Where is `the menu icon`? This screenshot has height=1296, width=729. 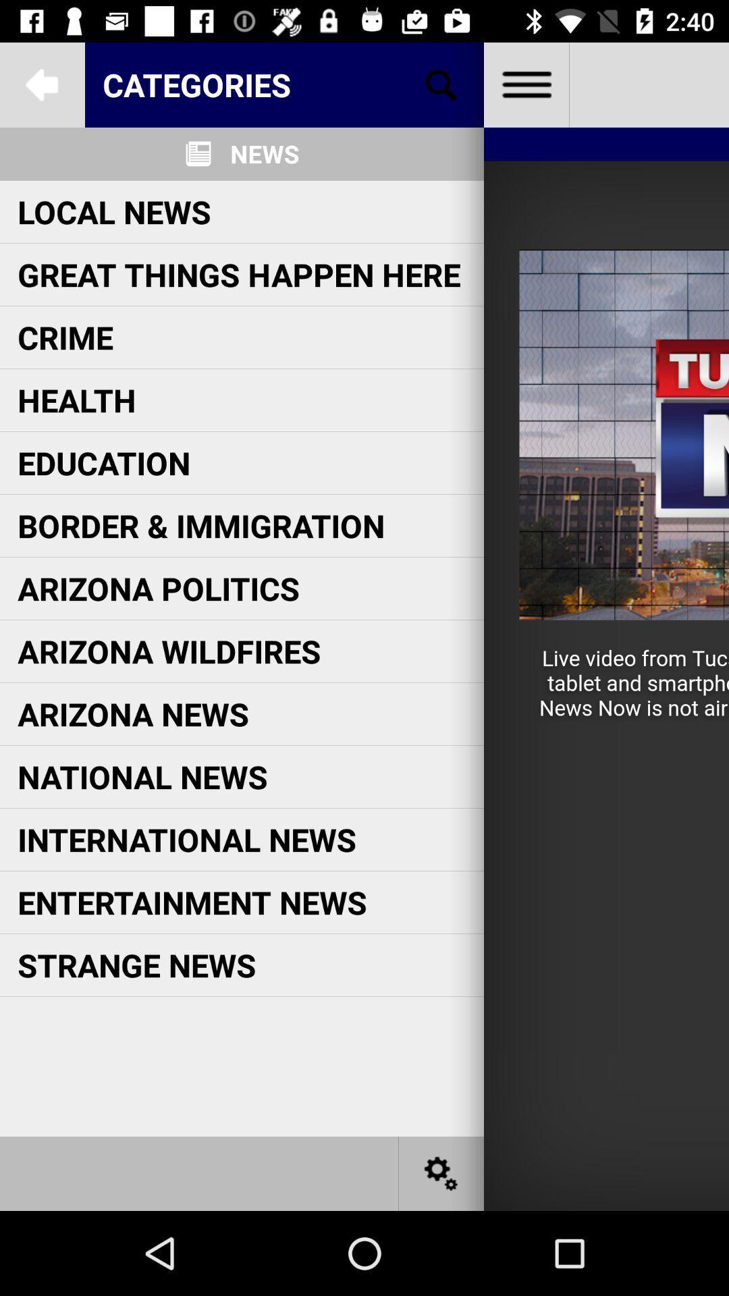
the menu icon is located at coordinates (525, 84).